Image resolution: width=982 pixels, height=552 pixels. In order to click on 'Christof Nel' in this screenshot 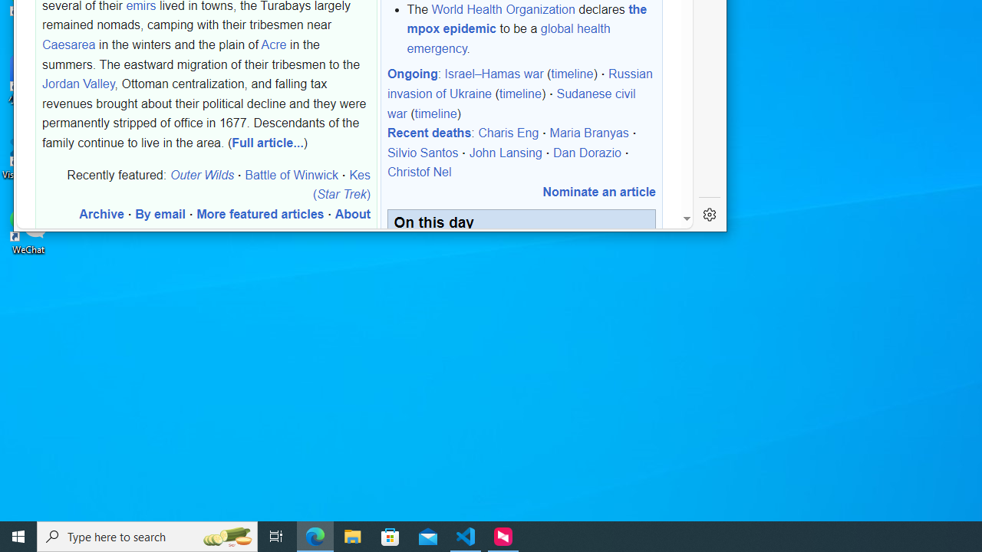, I will do `click(419, 172)`.